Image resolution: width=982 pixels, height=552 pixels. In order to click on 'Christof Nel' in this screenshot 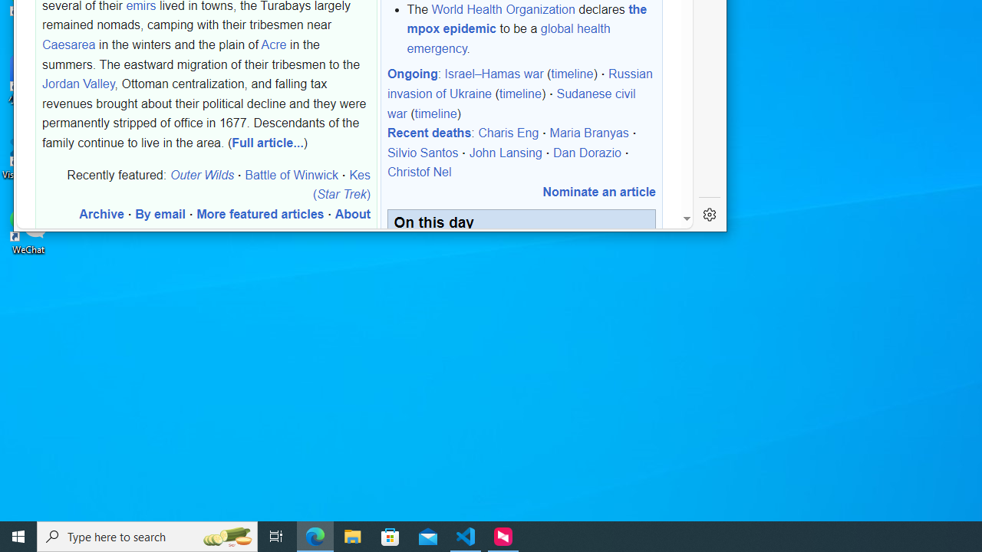, I will do `click(419, 172)`.